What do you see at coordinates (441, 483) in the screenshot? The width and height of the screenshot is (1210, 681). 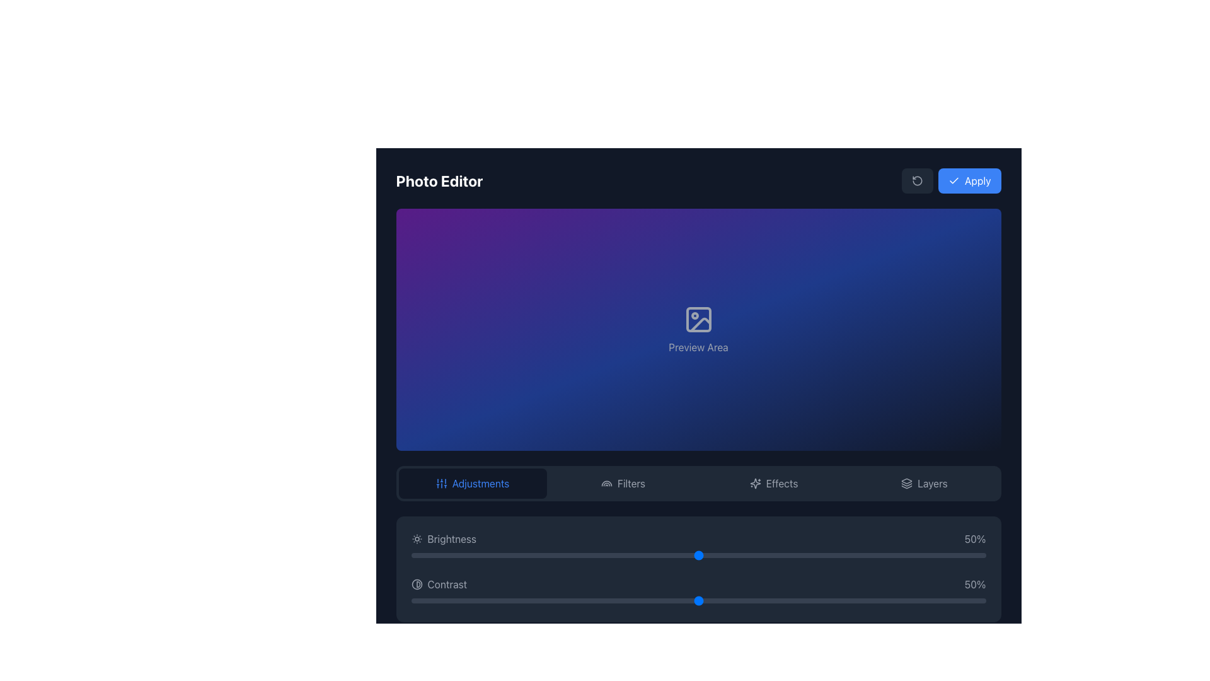 I see `the adjustment icon` at bounding box center [441, 483].